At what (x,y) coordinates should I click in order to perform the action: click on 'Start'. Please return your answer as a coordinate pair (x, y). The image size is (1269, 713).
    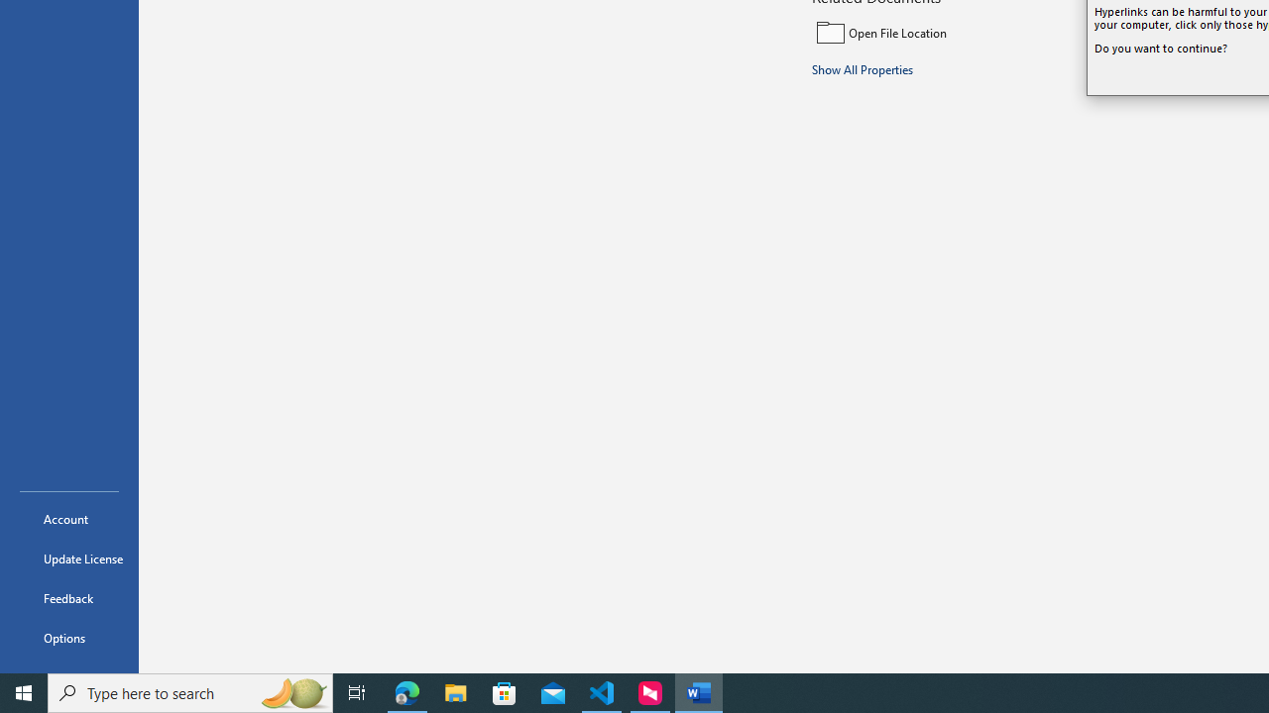
    Looking at the image, I should click on (24, 691).